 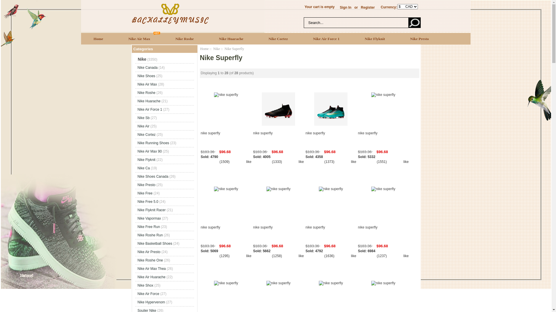 I want to click on 'Nike Ca', so click(x=144, y=168).